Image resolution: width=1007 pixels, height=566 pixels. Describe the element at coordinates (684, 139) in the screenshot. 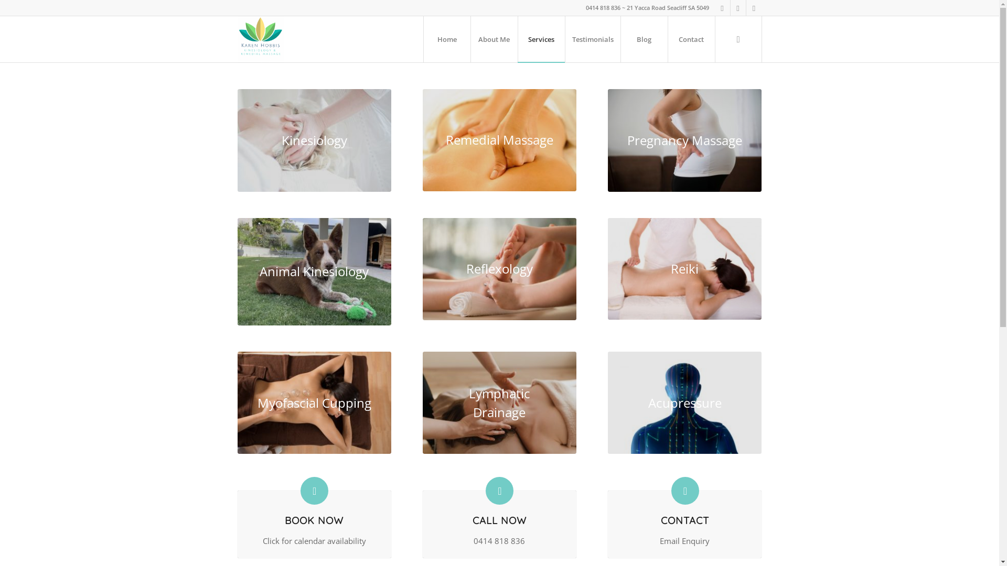

I see `'Pregnancy backache'` at that location.